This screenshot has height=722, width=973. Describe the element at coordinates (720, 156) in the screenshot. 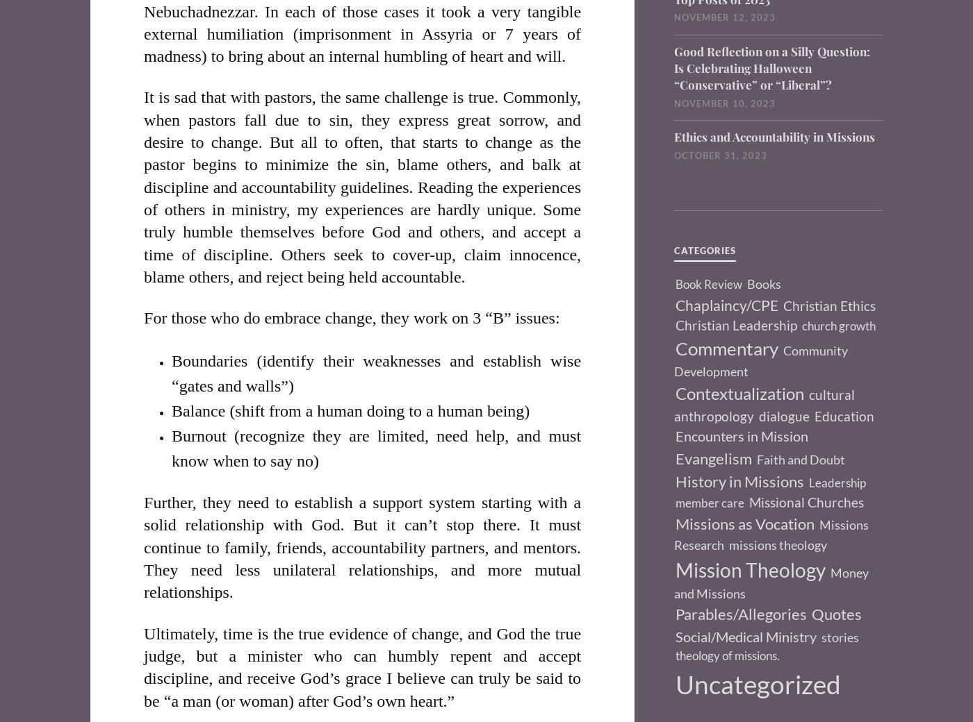

I see `'October 31, 2023'` at that location.